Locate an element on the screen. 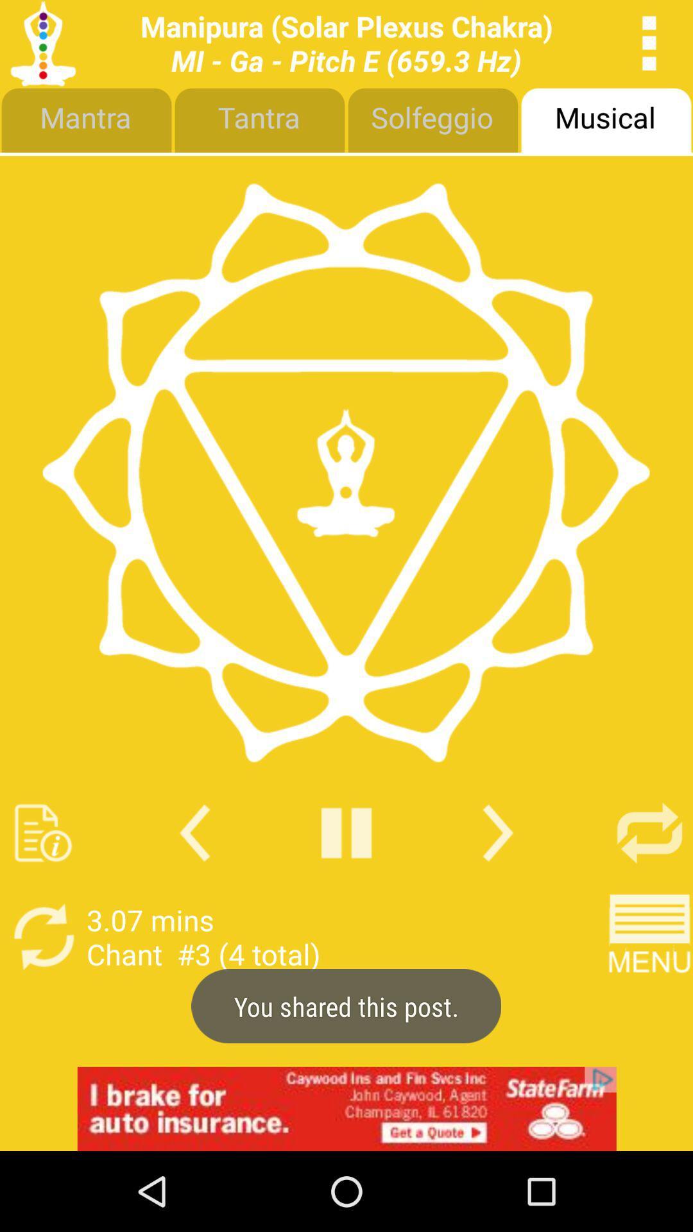 The height and width of the screenshot is (1232, 693). next is located at coordinates (497, 833).